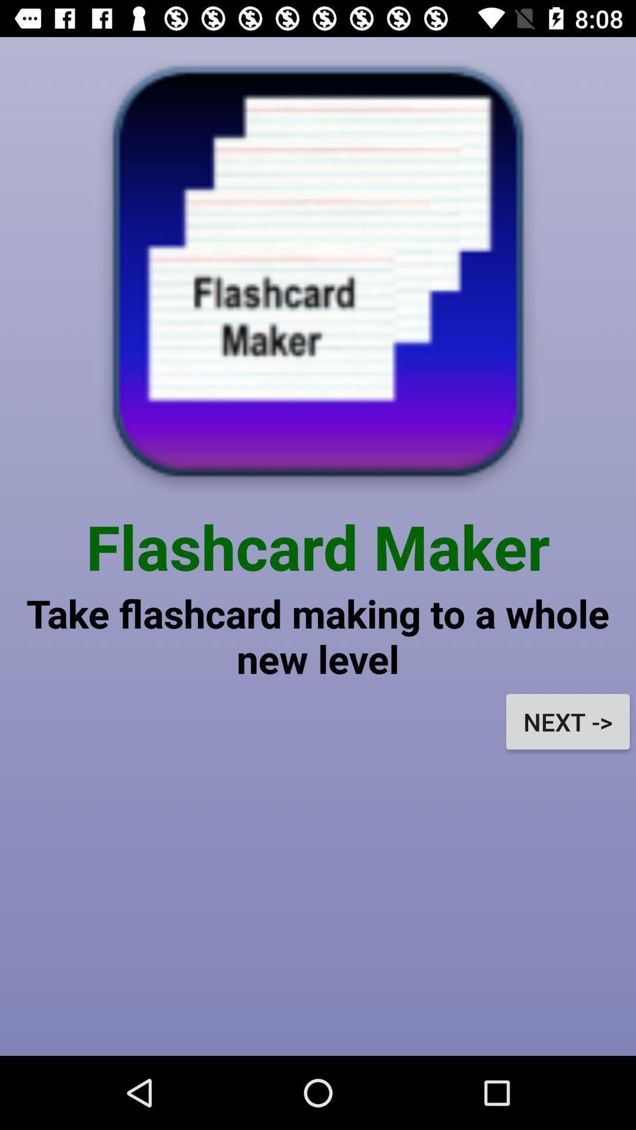 The height and width of the screenshot is (1130, 636). What do you see at coordinates (567, 721) in the screenshot?
I see `next -> on the right` at bounding box center [567, 721].